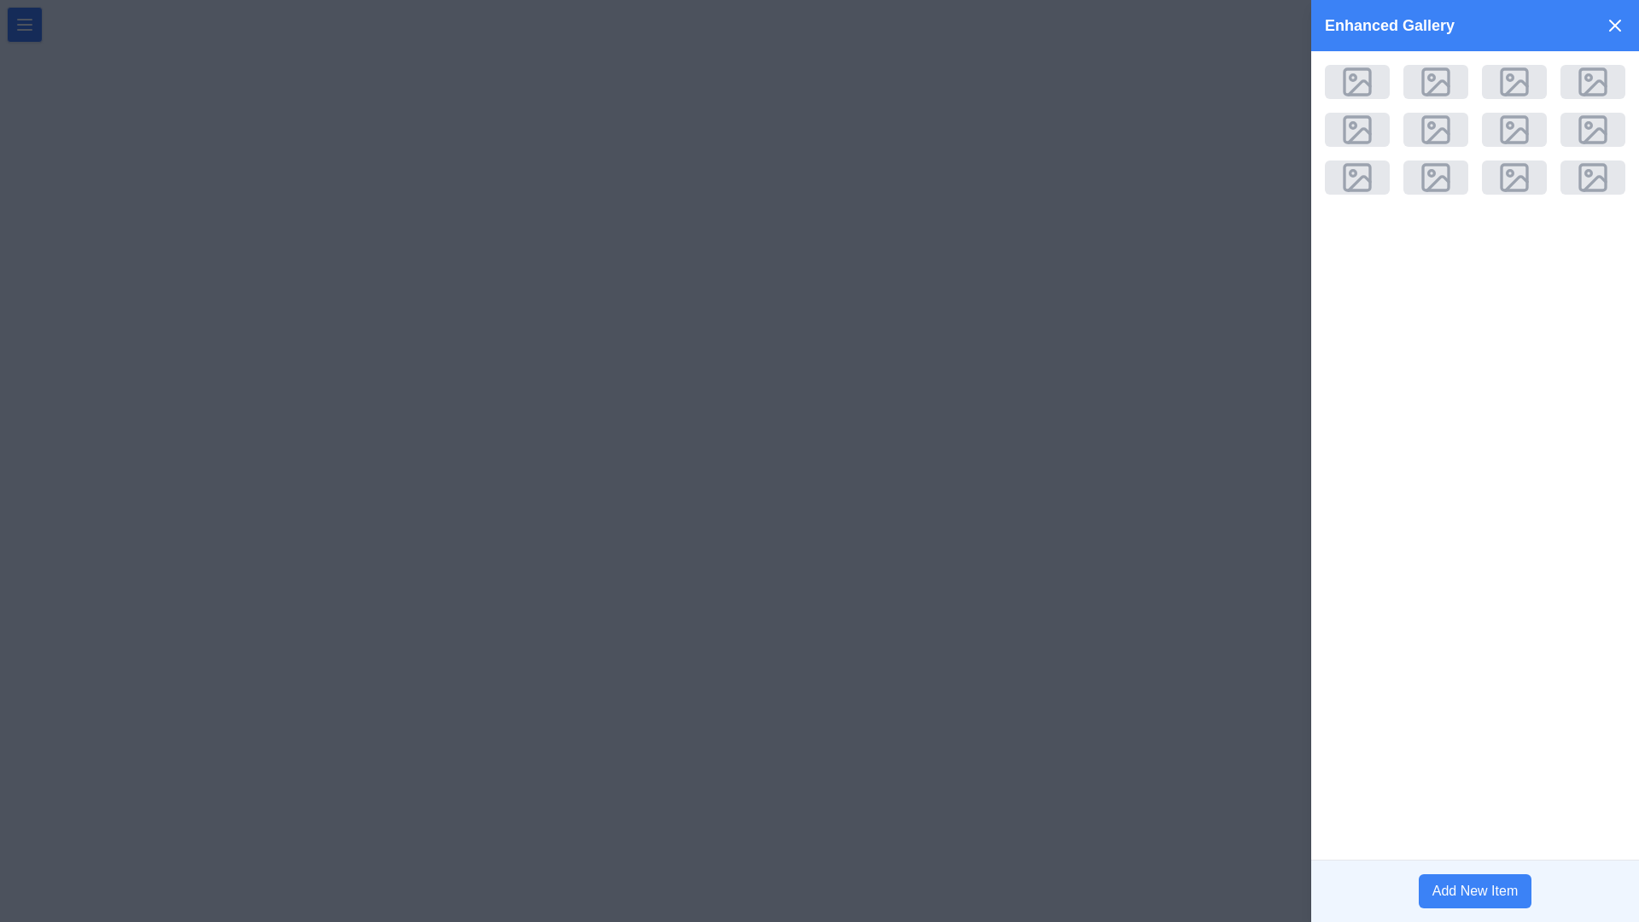 The image size is (1639, 922). What do you see at coordinates (1434, 82) in the screenshot?
I see `the light gray rectangular graphic with rounded corners, which serves as the main body of the image placeholder icon` at bounding box center [1434, 82].